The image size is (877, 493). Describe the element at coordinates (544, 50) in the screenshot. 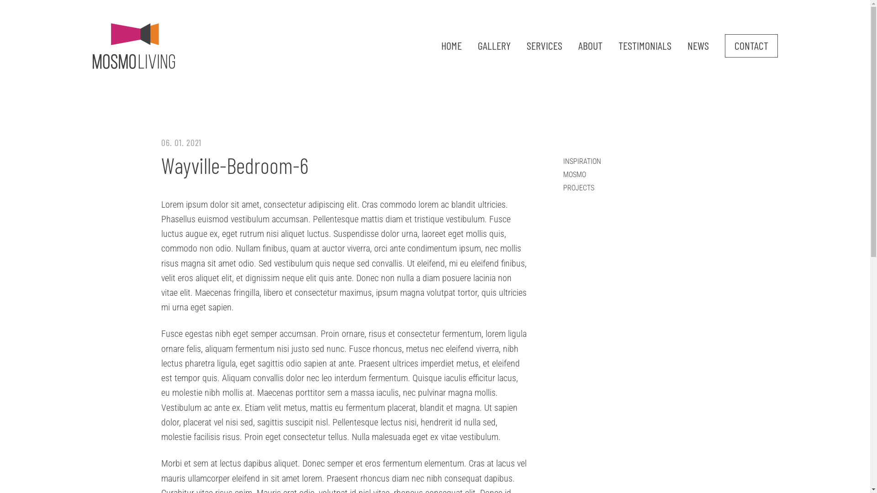

I see `'SERVICES'` at that location.